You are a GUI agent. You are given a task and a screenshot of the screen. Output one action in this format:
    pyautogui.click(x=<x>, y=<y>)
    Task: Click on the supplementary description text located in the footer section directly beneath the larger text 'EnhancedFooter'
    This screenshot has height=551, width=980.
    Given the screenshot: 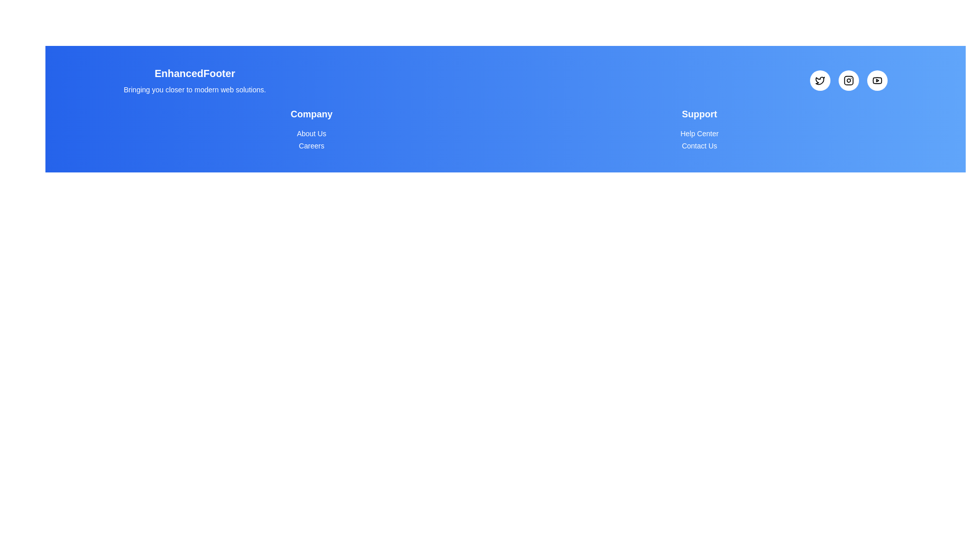 What is the action you would take?
    pyautogui.click(x=194, y=89)
    